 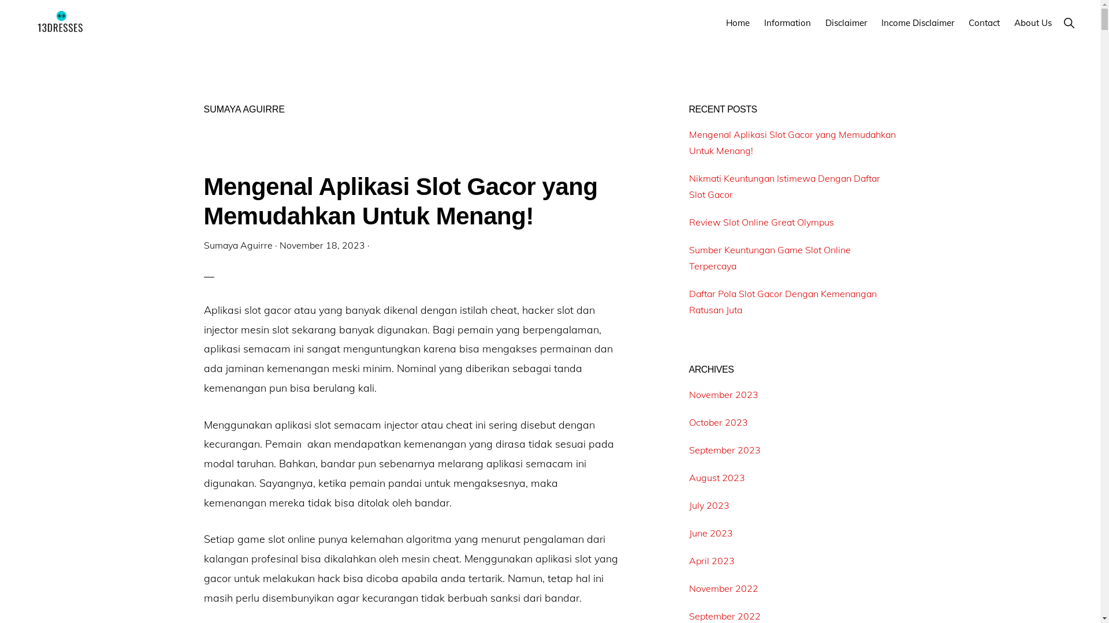 I want to click on 'September 2023', so click(x=723, y=449).